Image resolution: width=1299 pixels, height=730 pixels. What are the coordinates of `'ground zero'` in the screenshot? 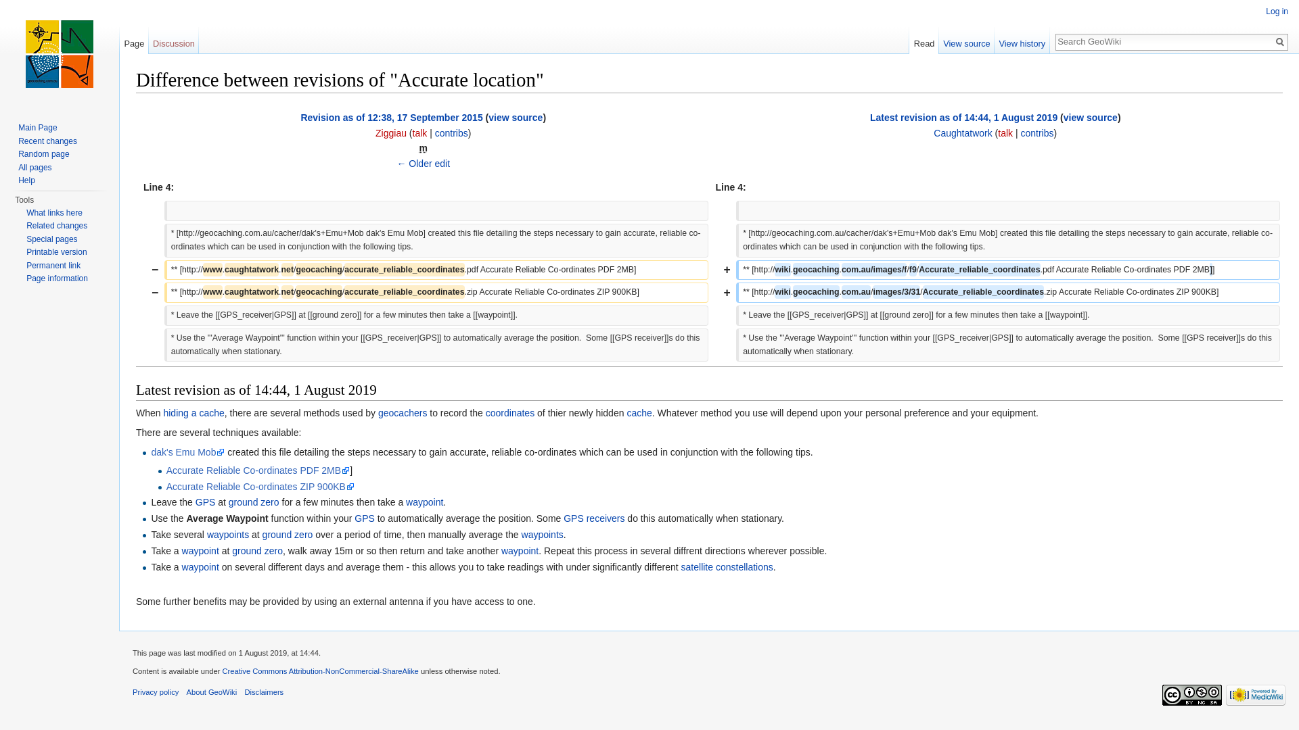 It's located at (257, 550).